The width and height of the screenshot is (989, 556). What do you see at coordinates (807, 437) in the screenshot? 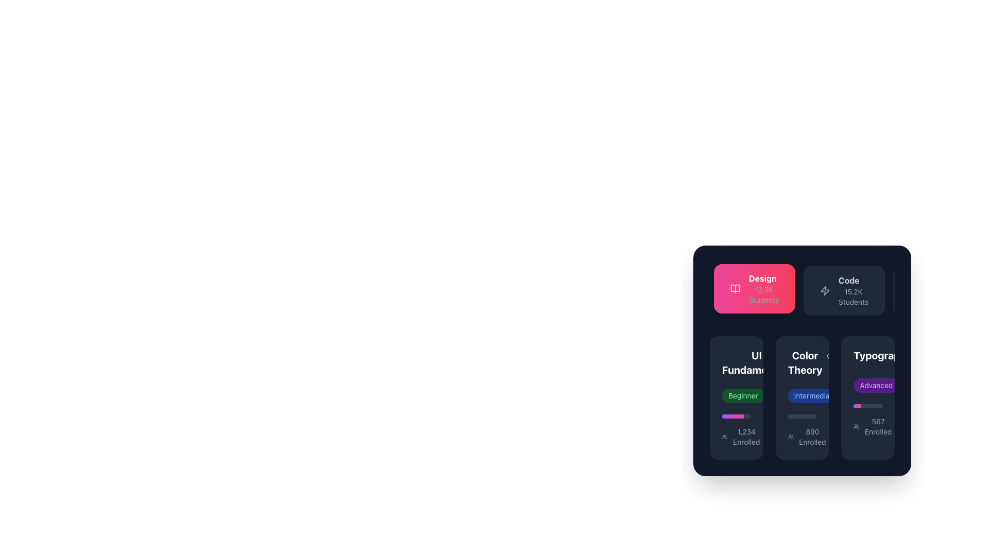
I see `the informational text displaying '890 Enrolled', located beneath the 'Color Theory' card in the bottom row of the card-like structure` at bounding box center [807, 437].